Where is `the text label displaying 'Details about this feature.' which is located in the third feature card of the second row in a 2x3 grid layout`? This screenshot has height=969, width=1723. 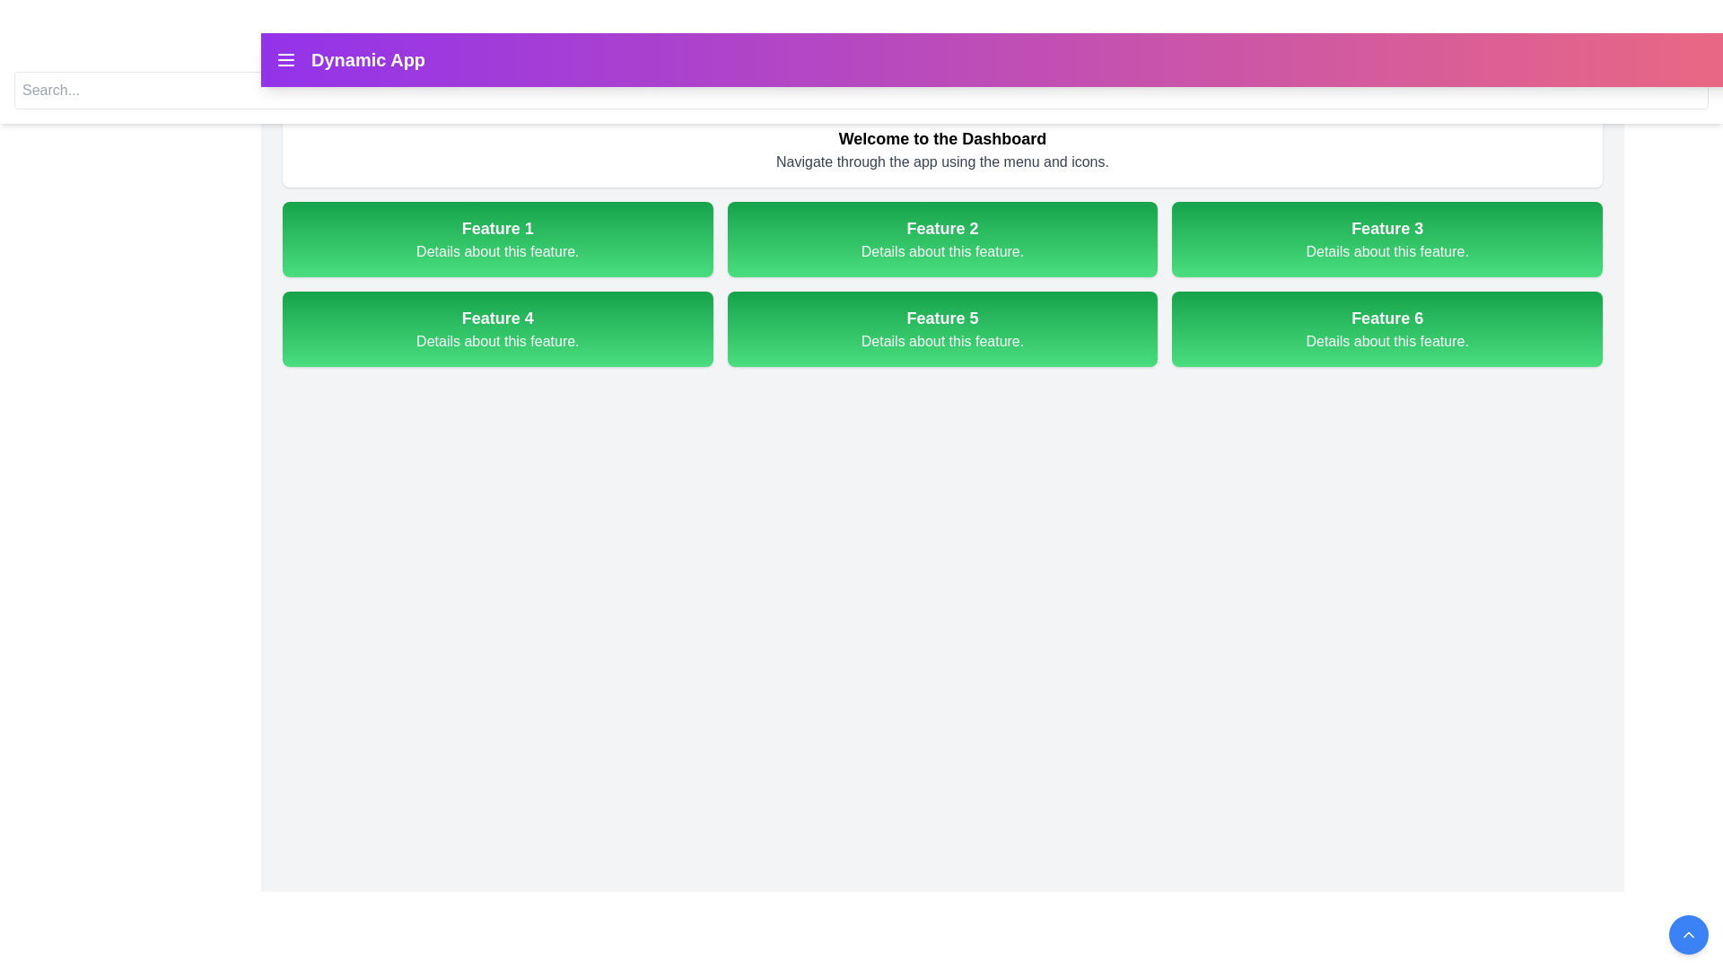
the text label displaying 'Details about this feature.' which is located in the third feature card of the second row in a 2x3 grid layout is located at coordinates (1386, 252).